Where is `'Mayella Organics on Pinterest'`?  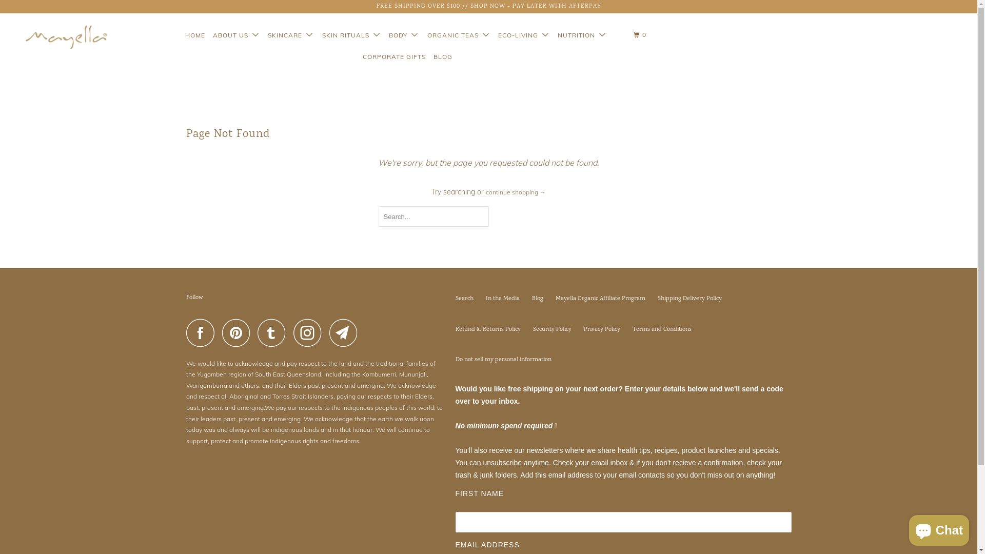 'Mayella Organics on Pinterest' is located at coordinates (238, 332).